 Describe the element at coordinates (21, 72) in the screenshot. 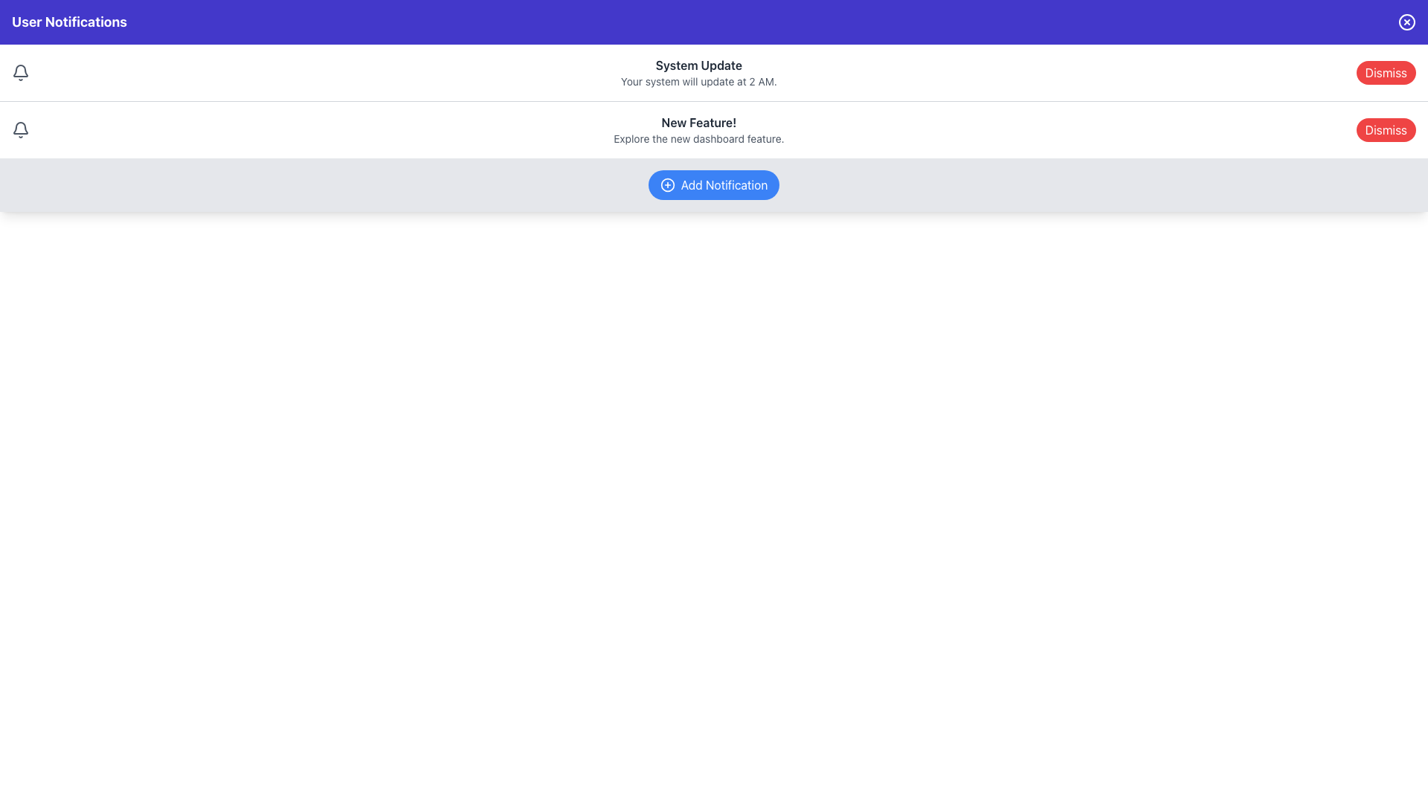

I see `the bell icon indicating notifications, which is positioned at the far left of the notification card containing the text 'System Update'` at that location.